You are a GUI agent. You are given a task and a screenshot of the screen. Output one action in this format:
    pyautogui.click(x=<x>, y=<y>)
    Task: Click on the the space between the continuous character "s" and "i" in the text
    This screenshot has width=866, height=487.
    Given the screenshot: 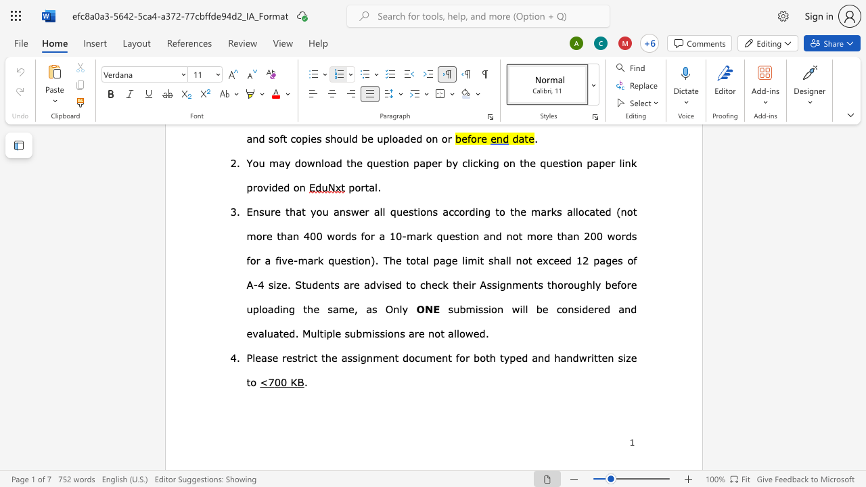 What is the action you would take?
    pyautogui.click(x=495, y=283)
    